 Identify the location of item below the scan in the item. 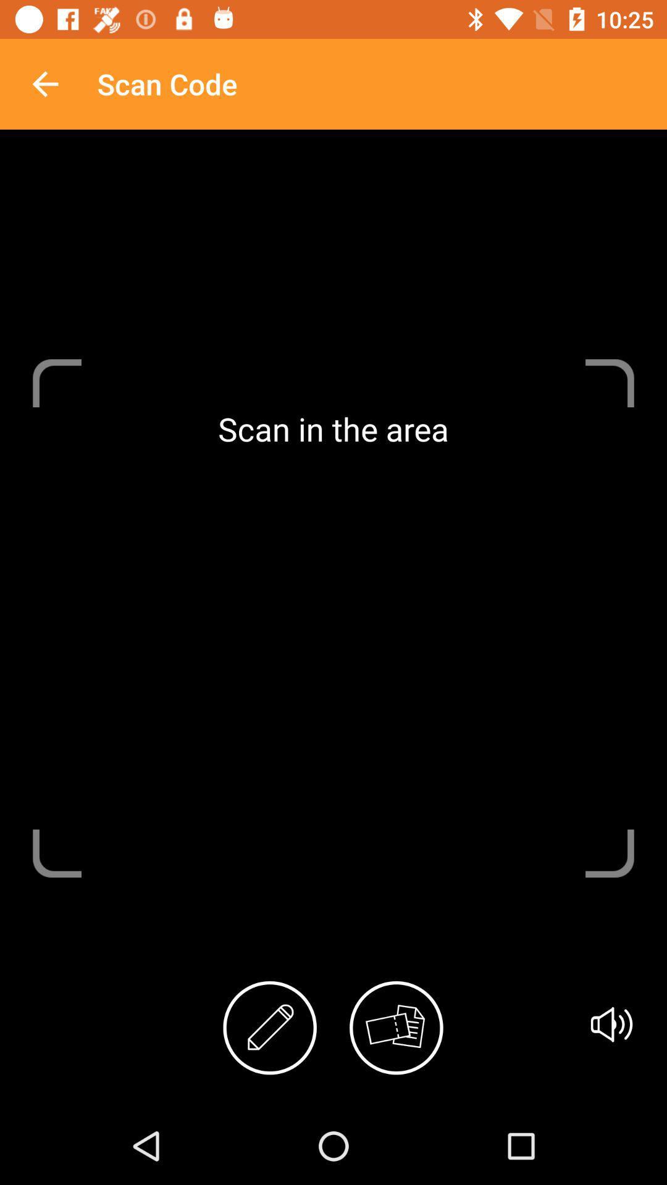
(269, 1028).